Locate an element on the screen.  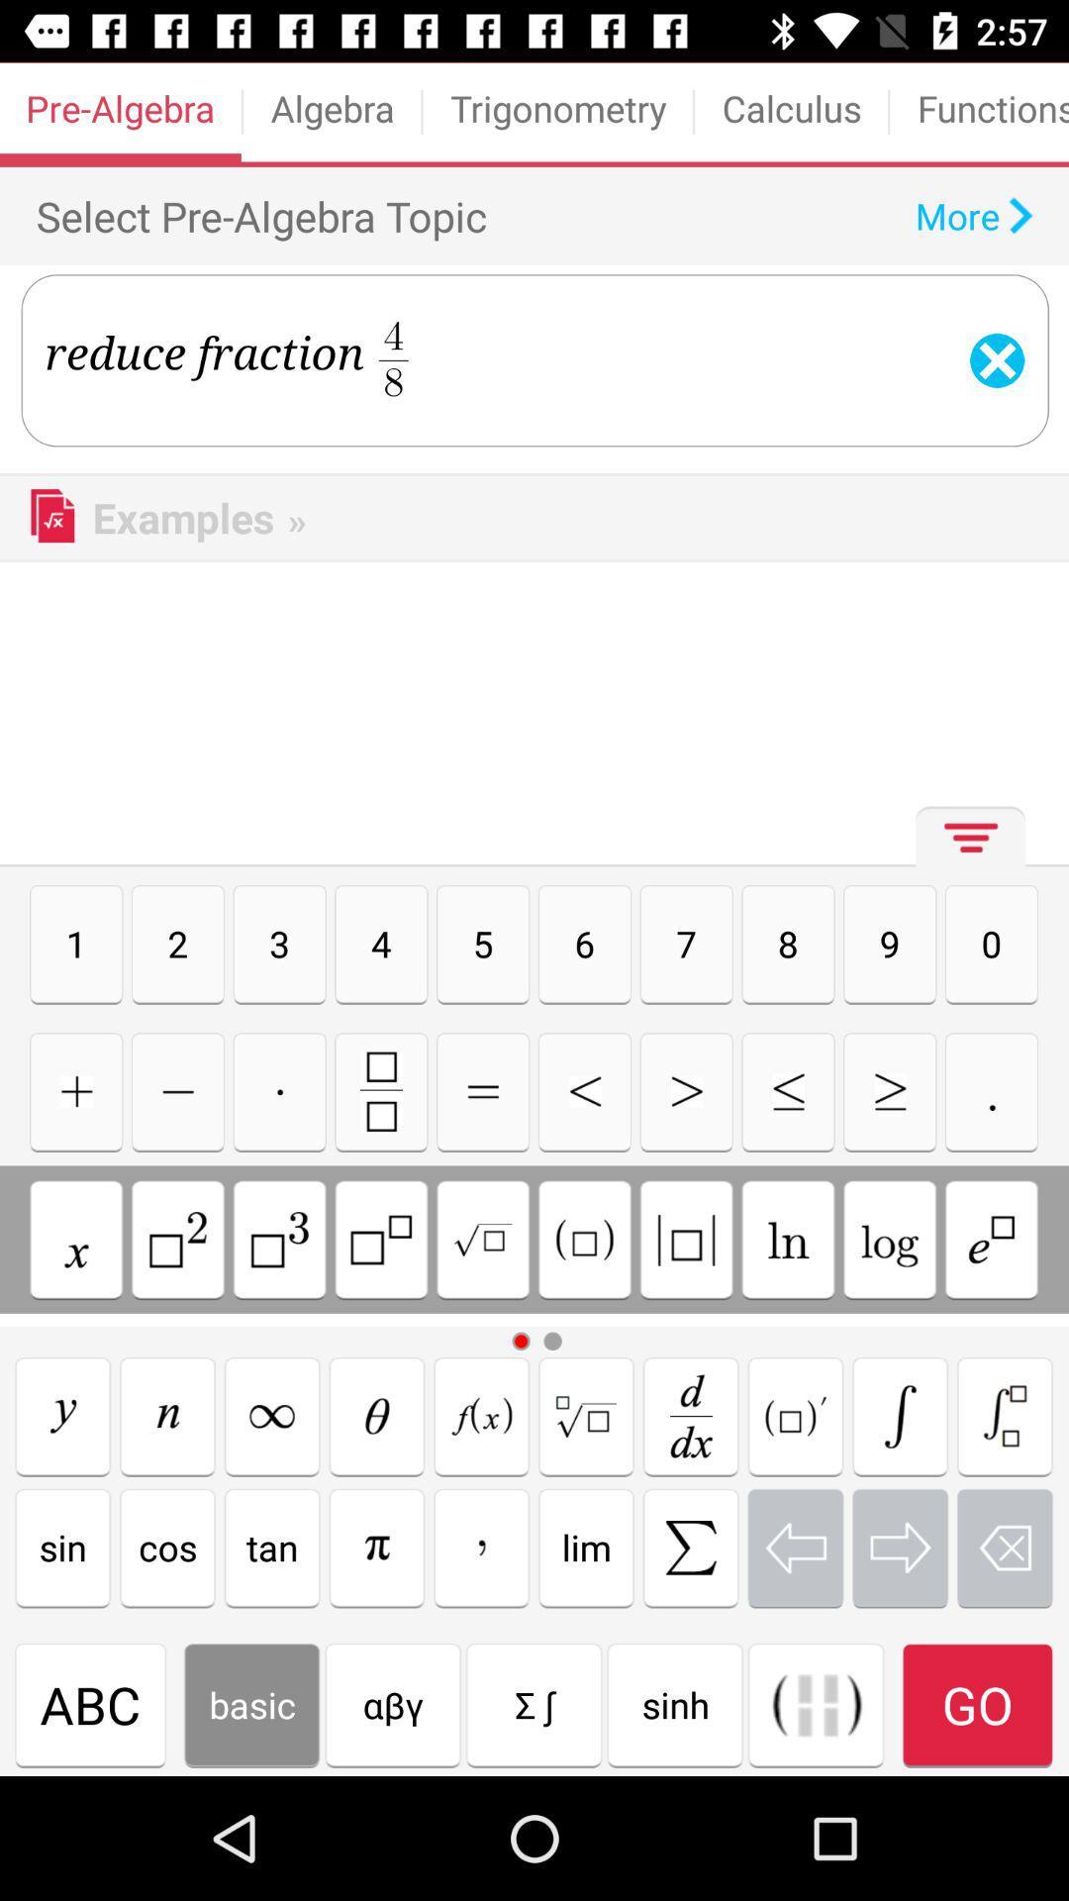
segma sign is located at coordinates (900, 1415).